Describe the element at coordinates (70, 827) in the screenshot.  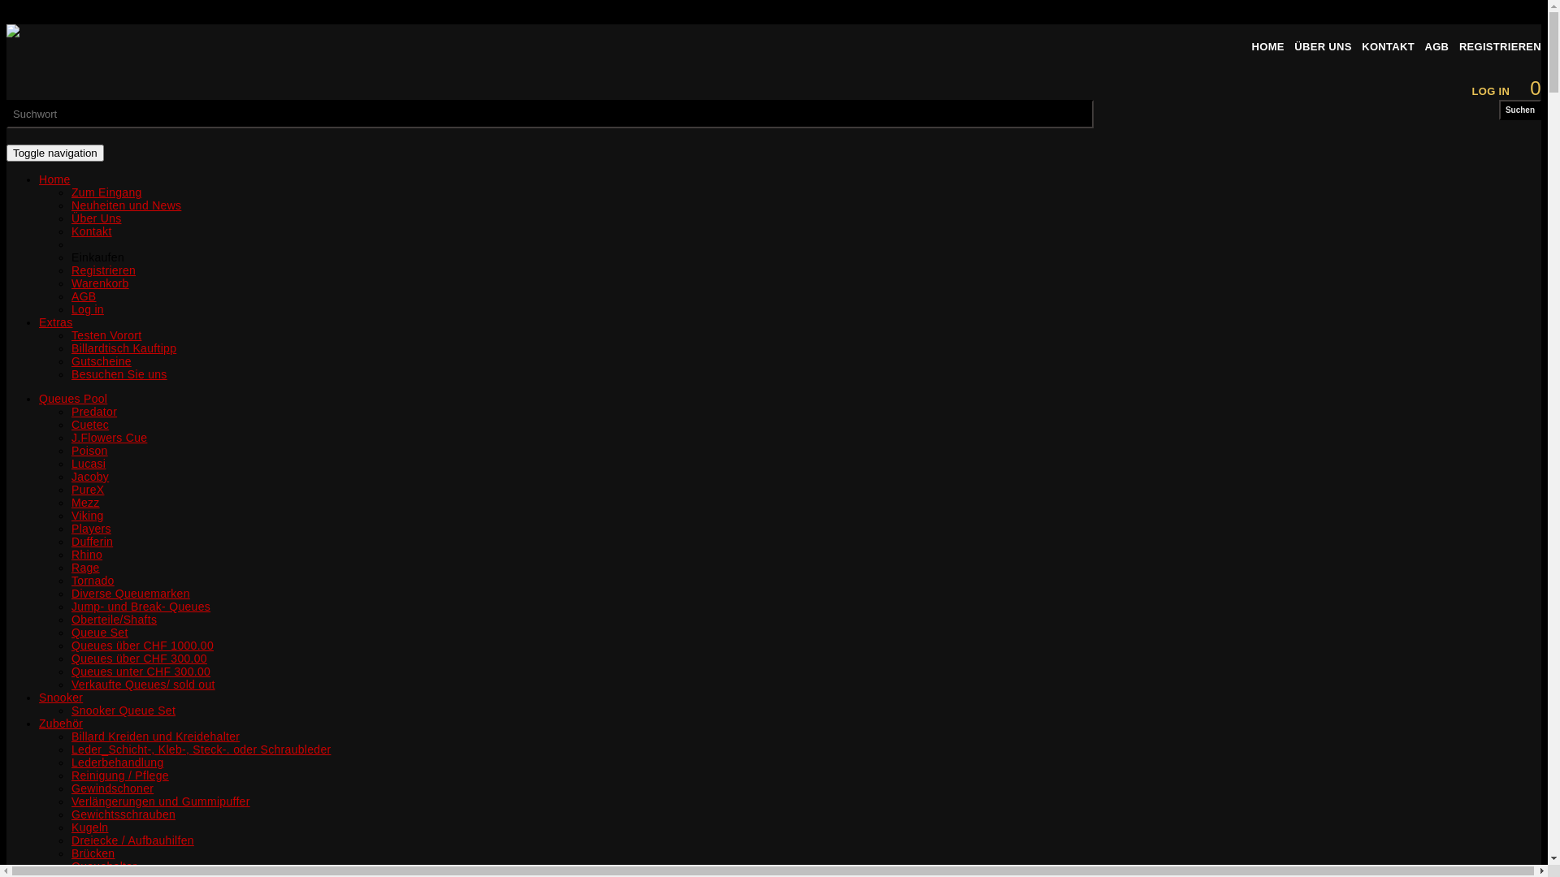
I see `'Kugeln'` at that location.